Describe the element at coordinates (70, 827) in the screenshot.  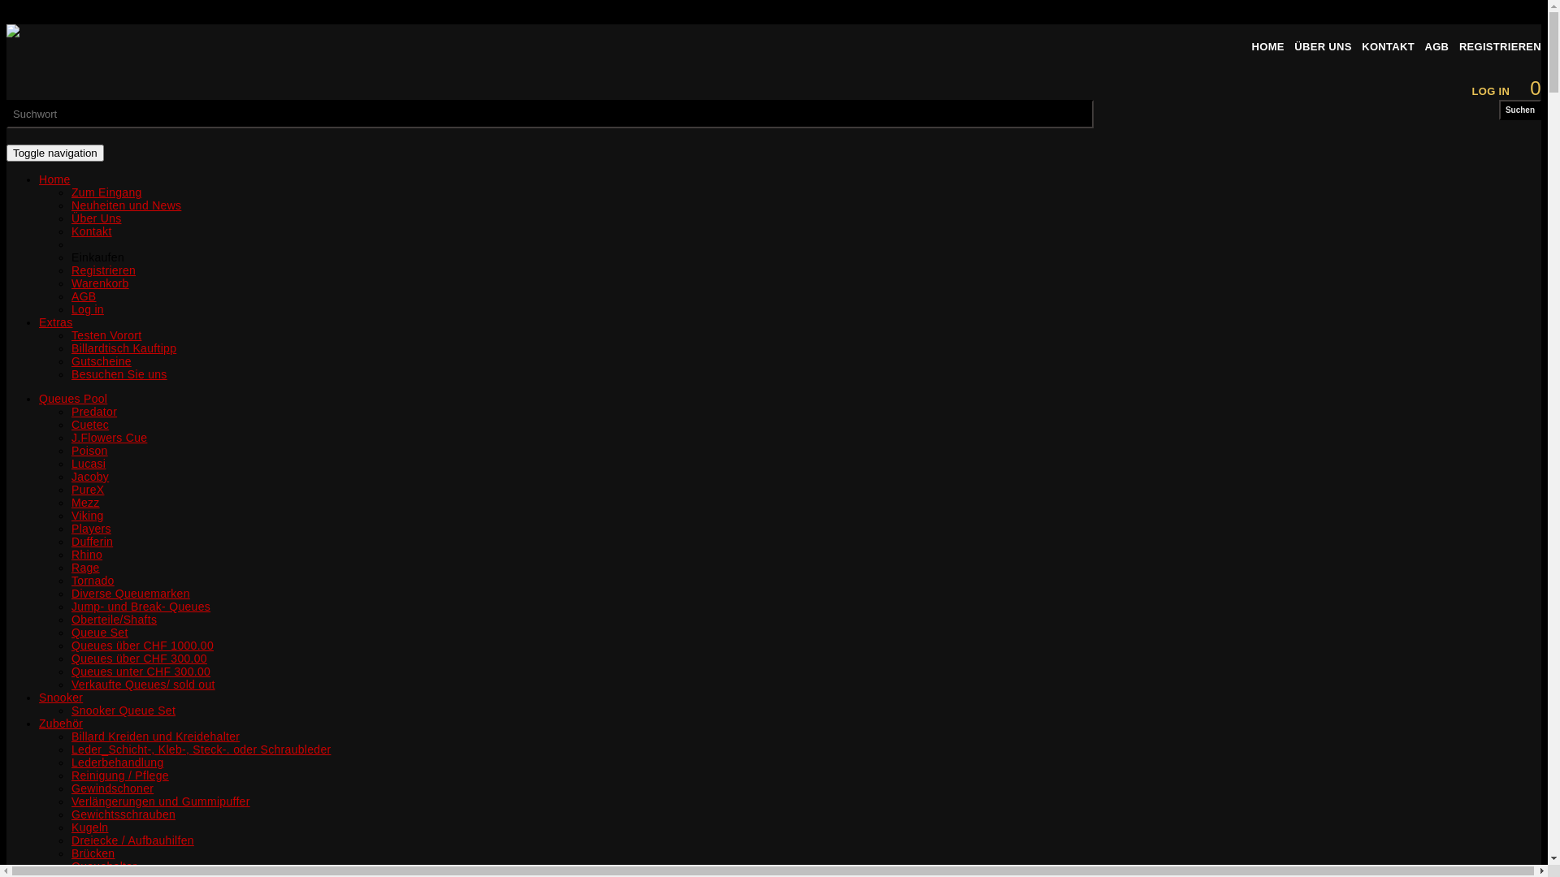
I see `'Kugeln'` at that location.